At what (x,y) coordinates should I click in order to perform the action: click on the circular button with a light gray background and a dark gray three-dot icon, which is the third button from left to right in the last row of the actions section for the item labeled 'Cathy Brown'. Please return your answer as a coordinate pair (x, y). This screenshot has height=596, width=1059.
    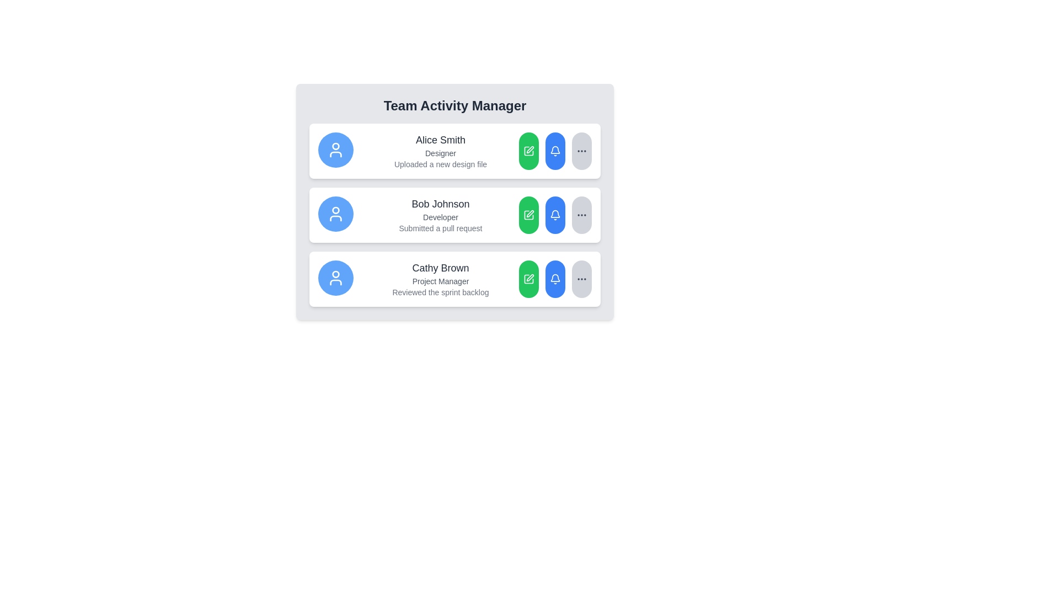
    Looking at the image, I should click on (581, 278).